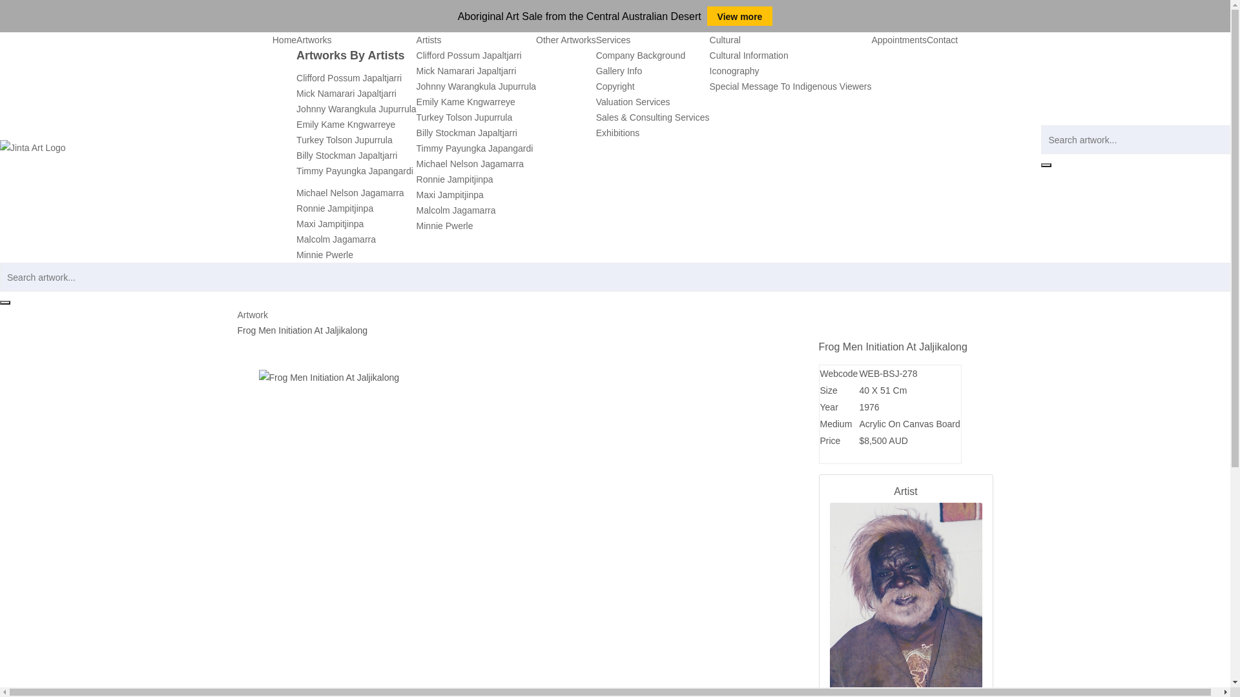 Image resolution: width=1240 pixels, height=697 pixels. Describe the element at coordinates (449, 194) in the screenshot. I see `'Maxi Jampitjinpa'` at that location.